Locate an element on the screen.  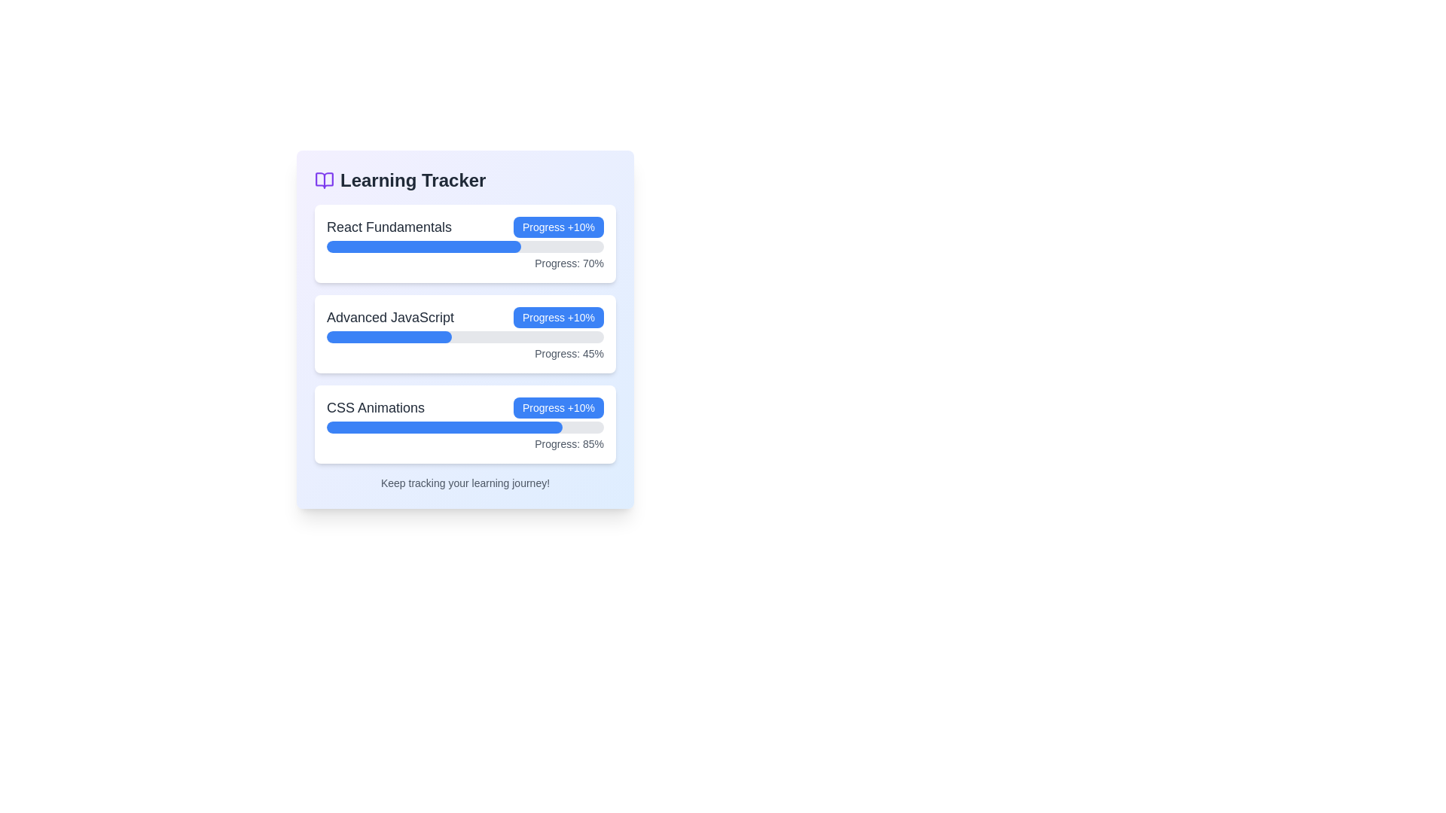
the 'Learning Tracker' title element which includes an open book icon is located at coordinates (465, 179).